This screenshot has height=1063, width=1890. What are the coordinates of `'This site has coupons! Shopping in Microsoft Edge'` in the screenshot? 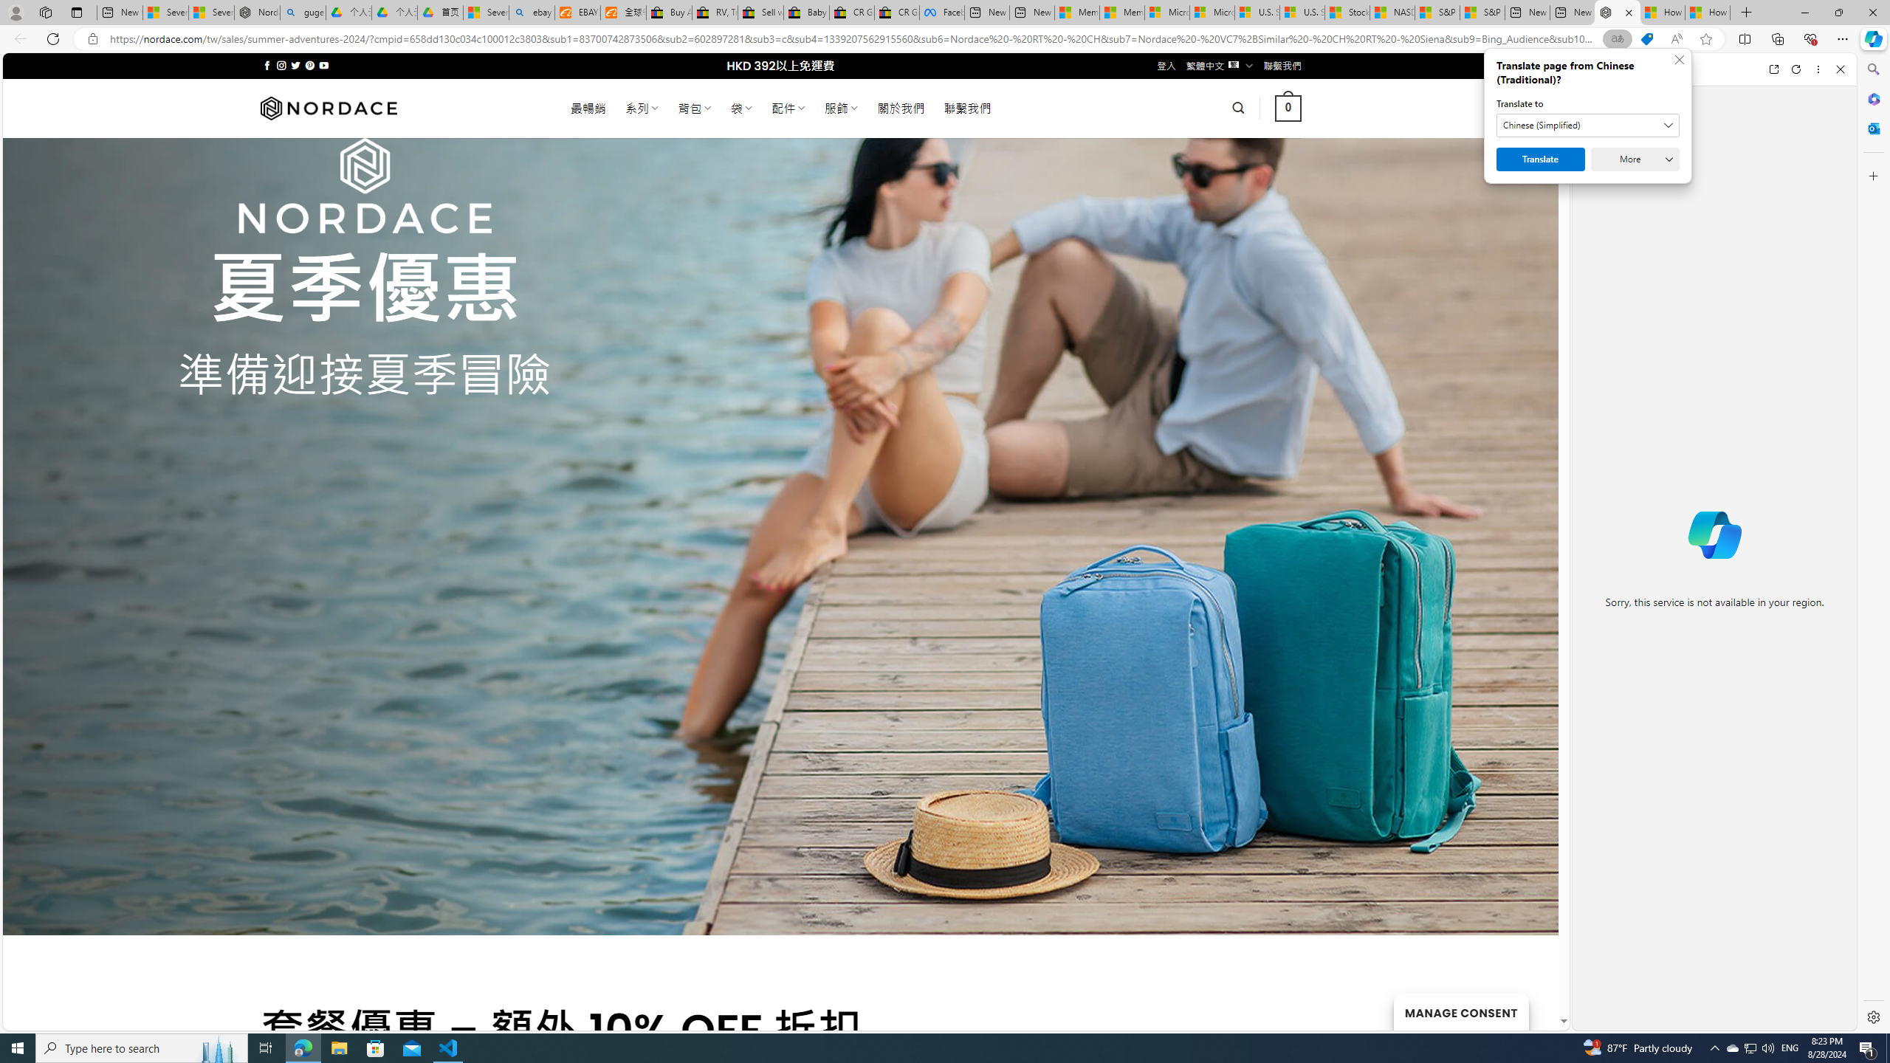 It's located at (1646, 39).